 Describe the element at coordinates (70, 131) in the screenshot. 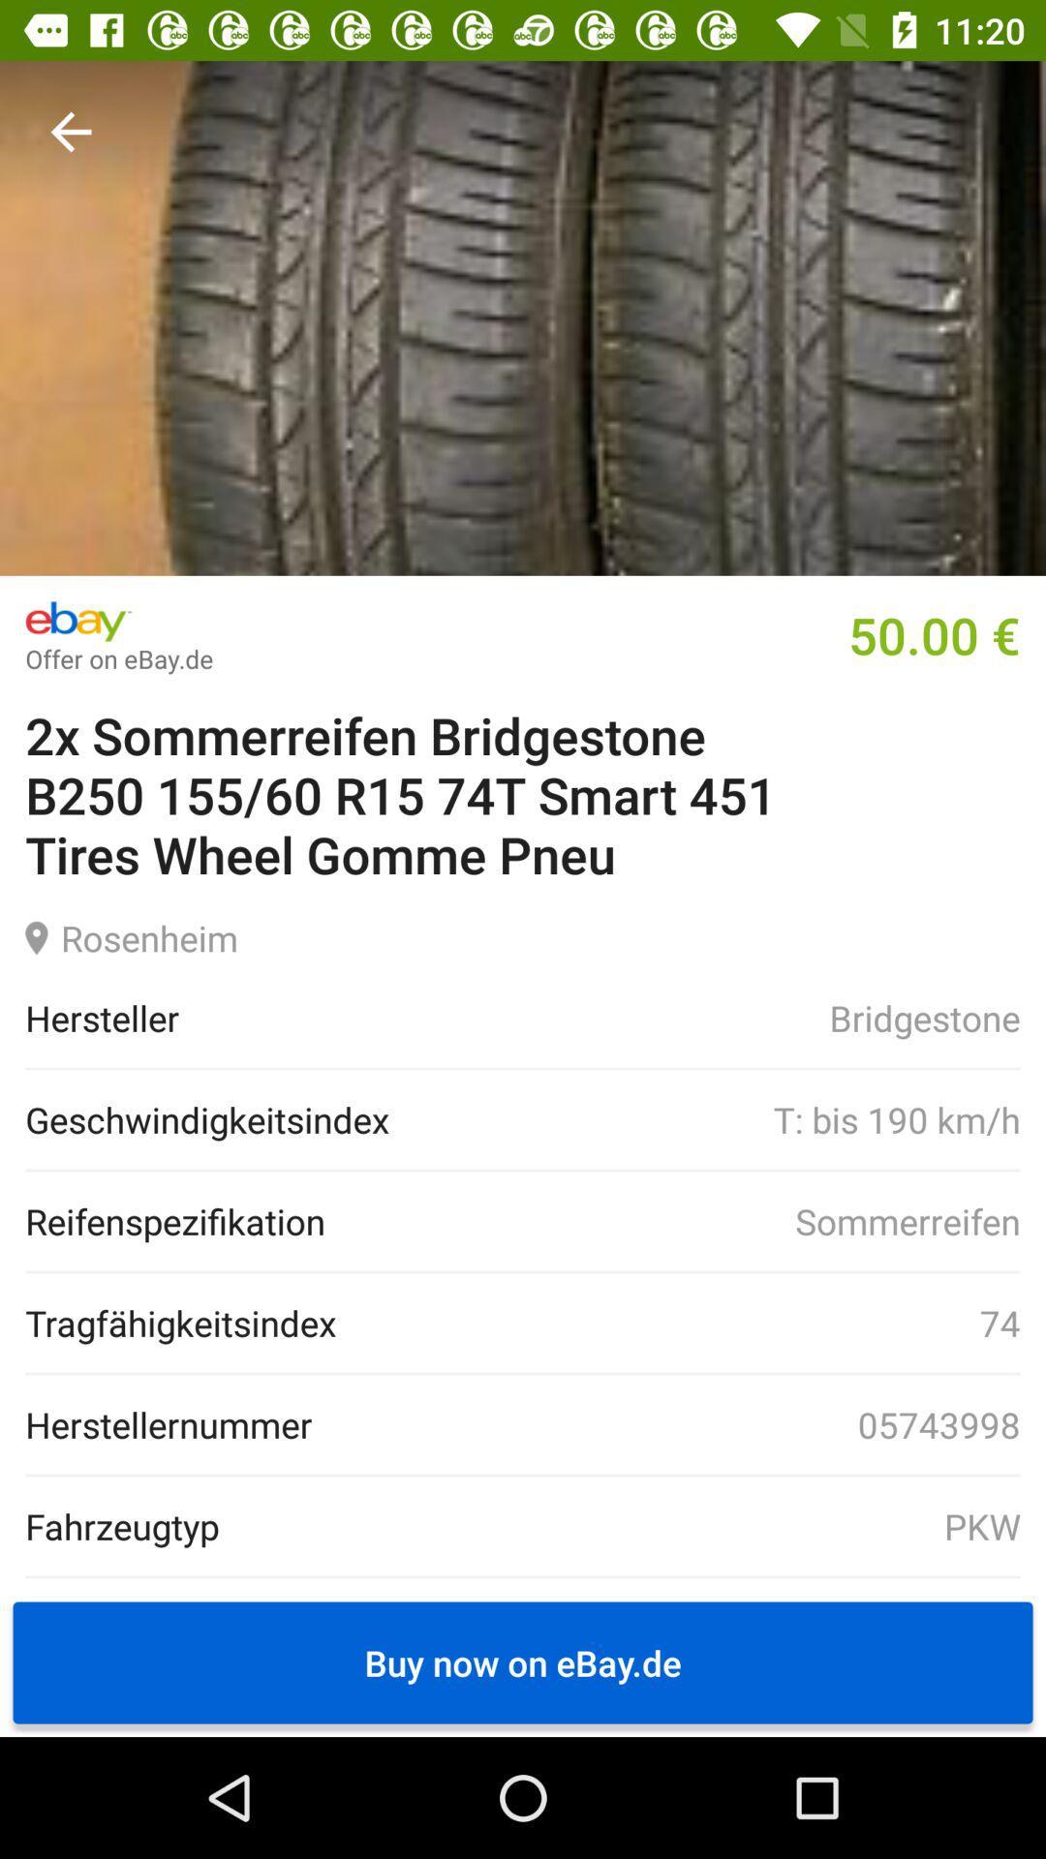

I see `go back` at that location.